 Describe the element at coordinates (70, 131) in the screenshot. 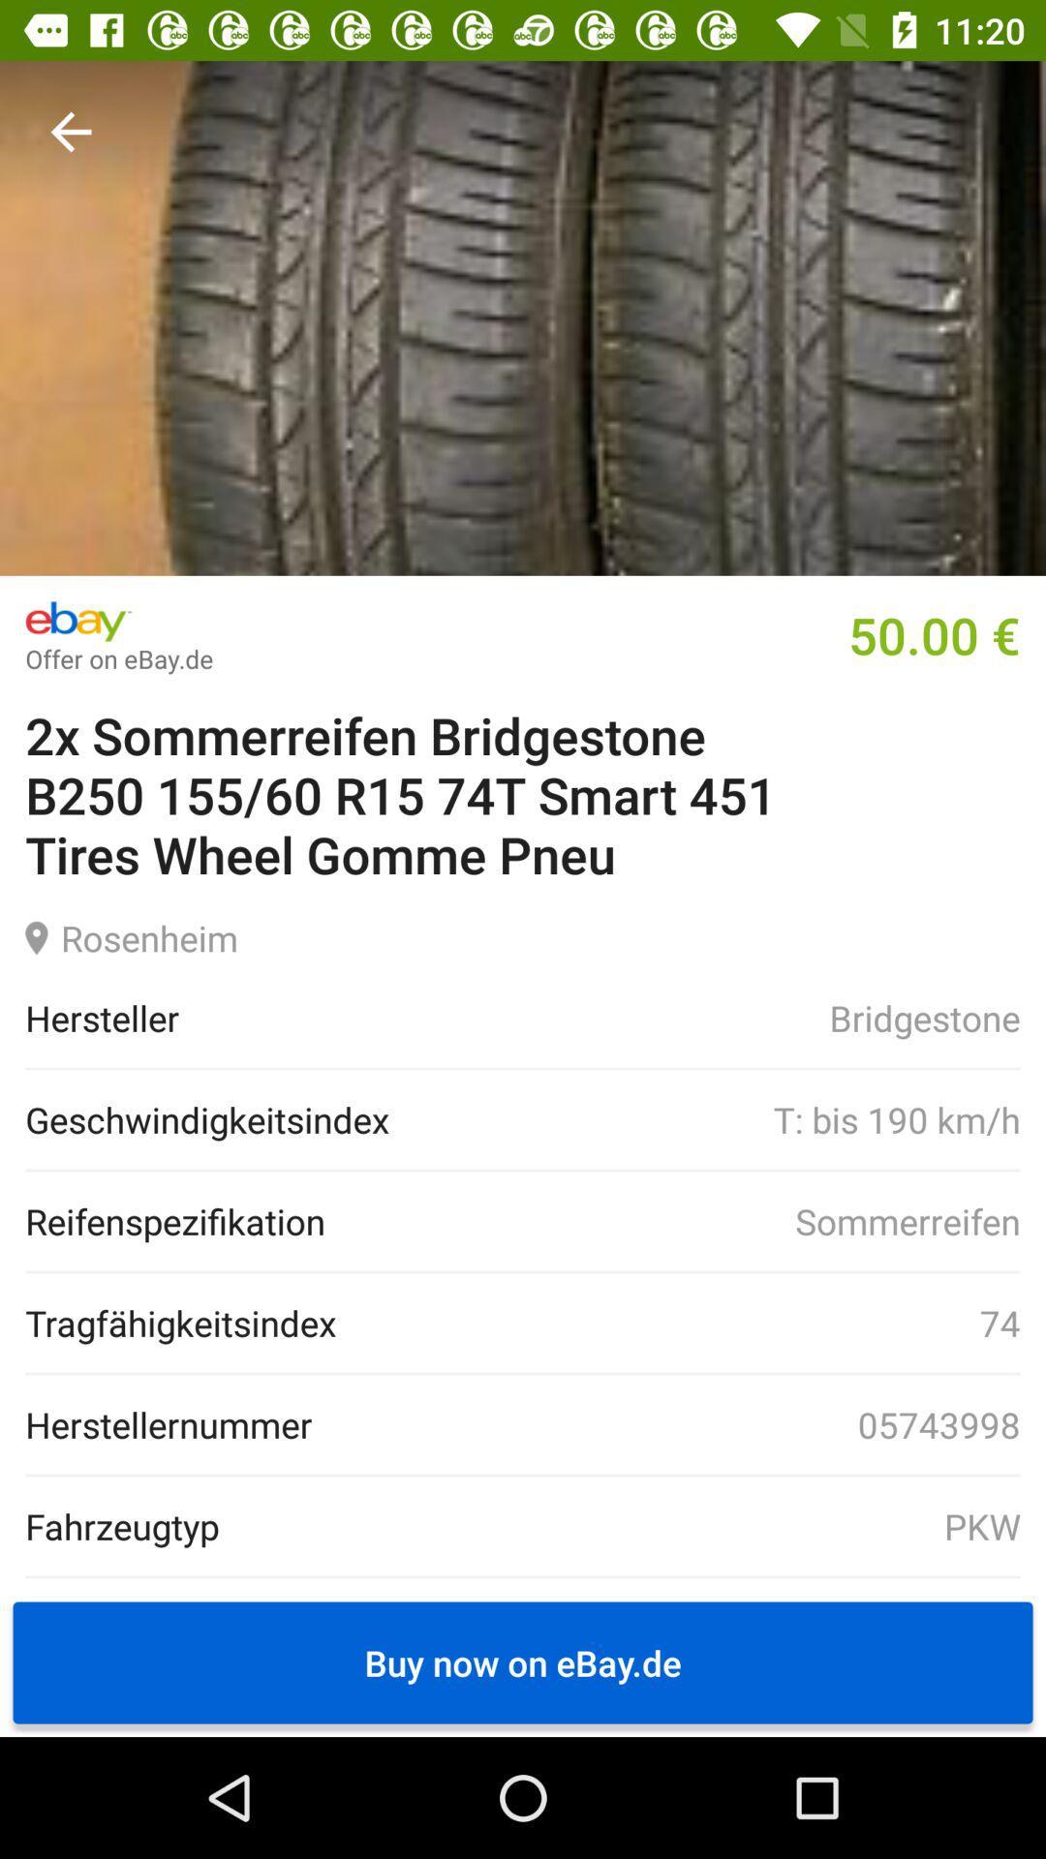

I see `go back` at that location.